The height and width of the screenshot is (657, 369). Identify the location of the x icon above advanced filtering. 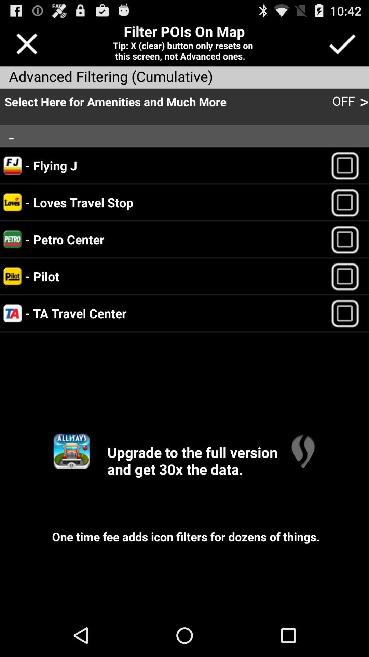
(26, 43).